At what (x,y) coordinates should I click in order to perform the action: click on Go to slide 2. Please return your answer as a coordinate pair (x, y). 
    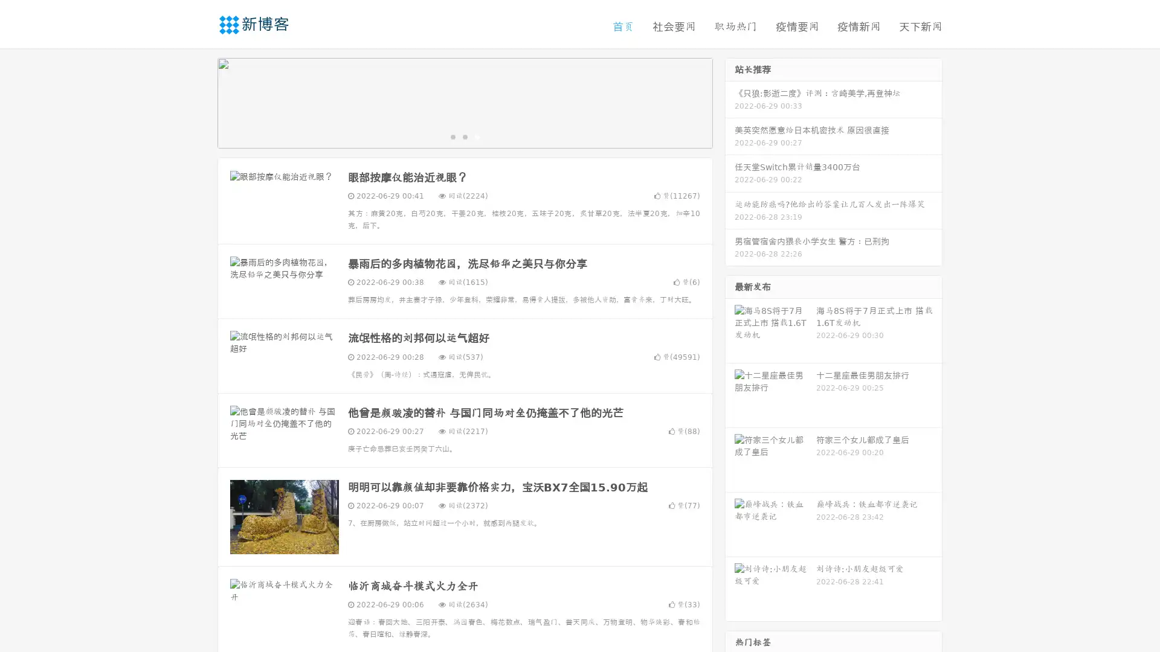
    Looking at the image, I should click on (464, 136).